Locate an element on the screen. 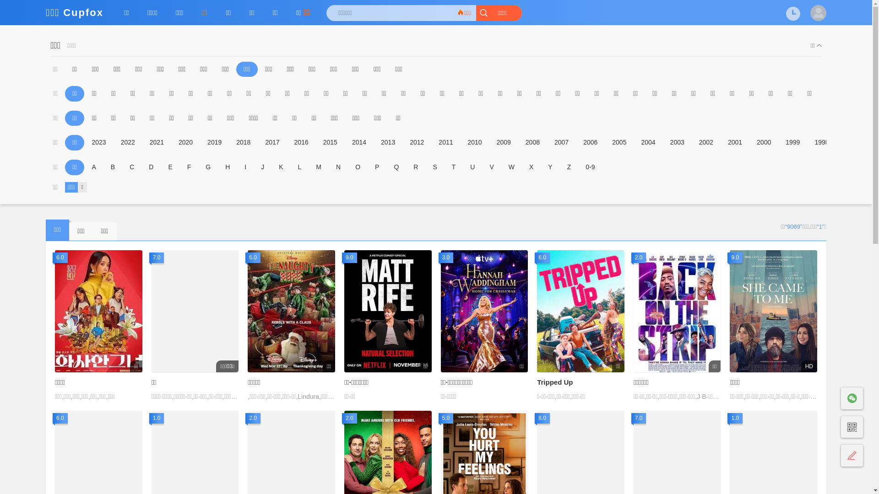  'H' is located at coordinates (217, 167).